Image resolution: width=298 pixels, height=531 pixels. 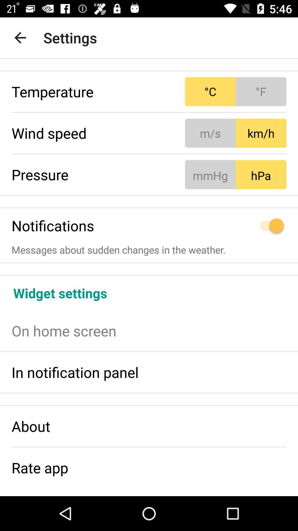 I want to click on item to the left of settings item, so click(x=20, y=37).